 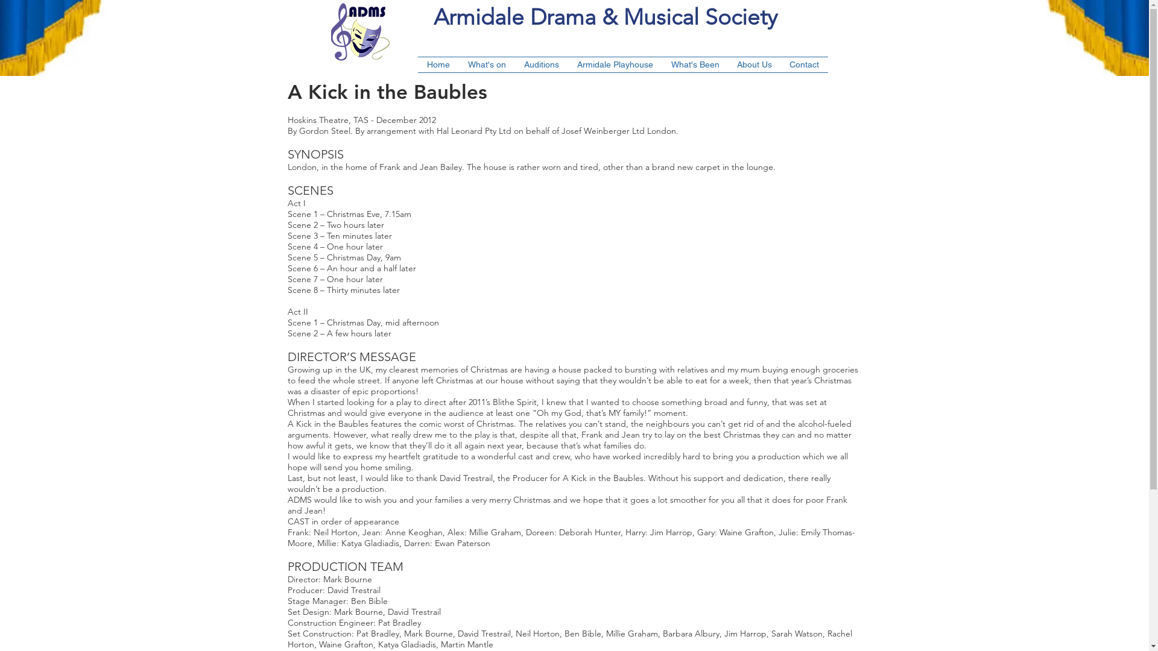 I want to click on 'About Us', so click(x=754, y=64).